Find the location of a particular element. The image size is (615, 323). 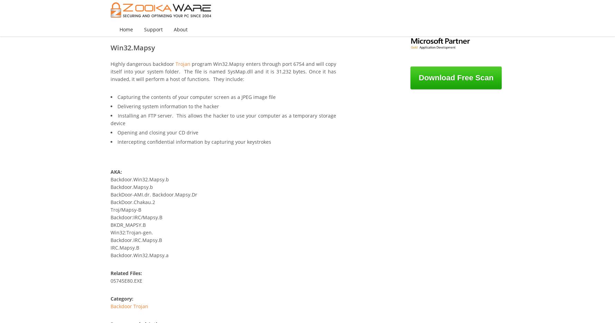

'Opening and closing your CD drive' is located at coordinates (117, 132).